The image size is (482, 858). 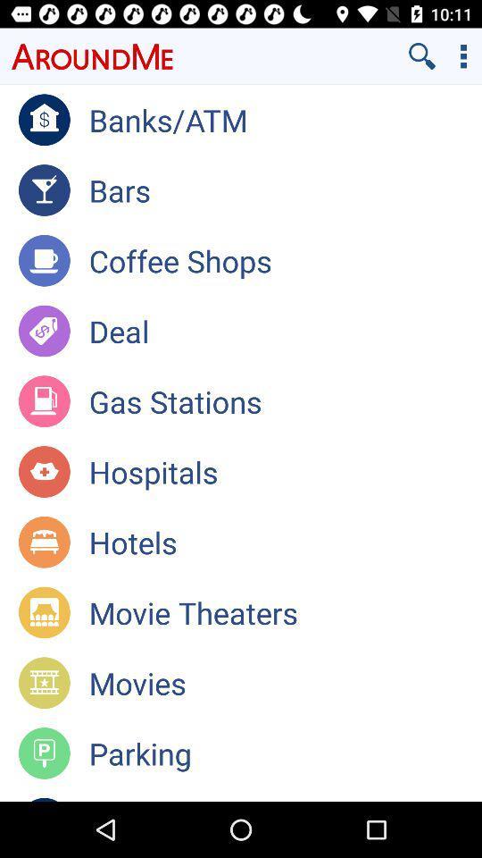 I want to click on the item below banks/atm, so click(x=285, y=190).